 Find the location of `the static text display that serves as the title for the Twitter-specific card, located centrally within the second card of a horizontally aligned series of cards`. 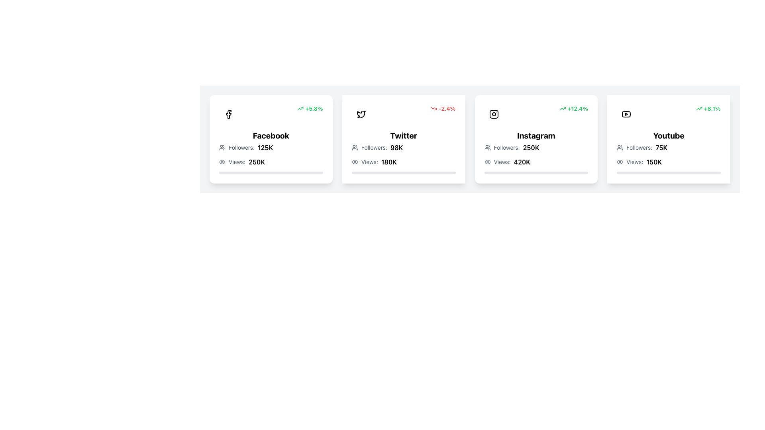

the static text display that serves as the title for the Twitter-specific card, located centrally within the second card of a horizontally aligned series of cards is located at coordinates (404, 135).